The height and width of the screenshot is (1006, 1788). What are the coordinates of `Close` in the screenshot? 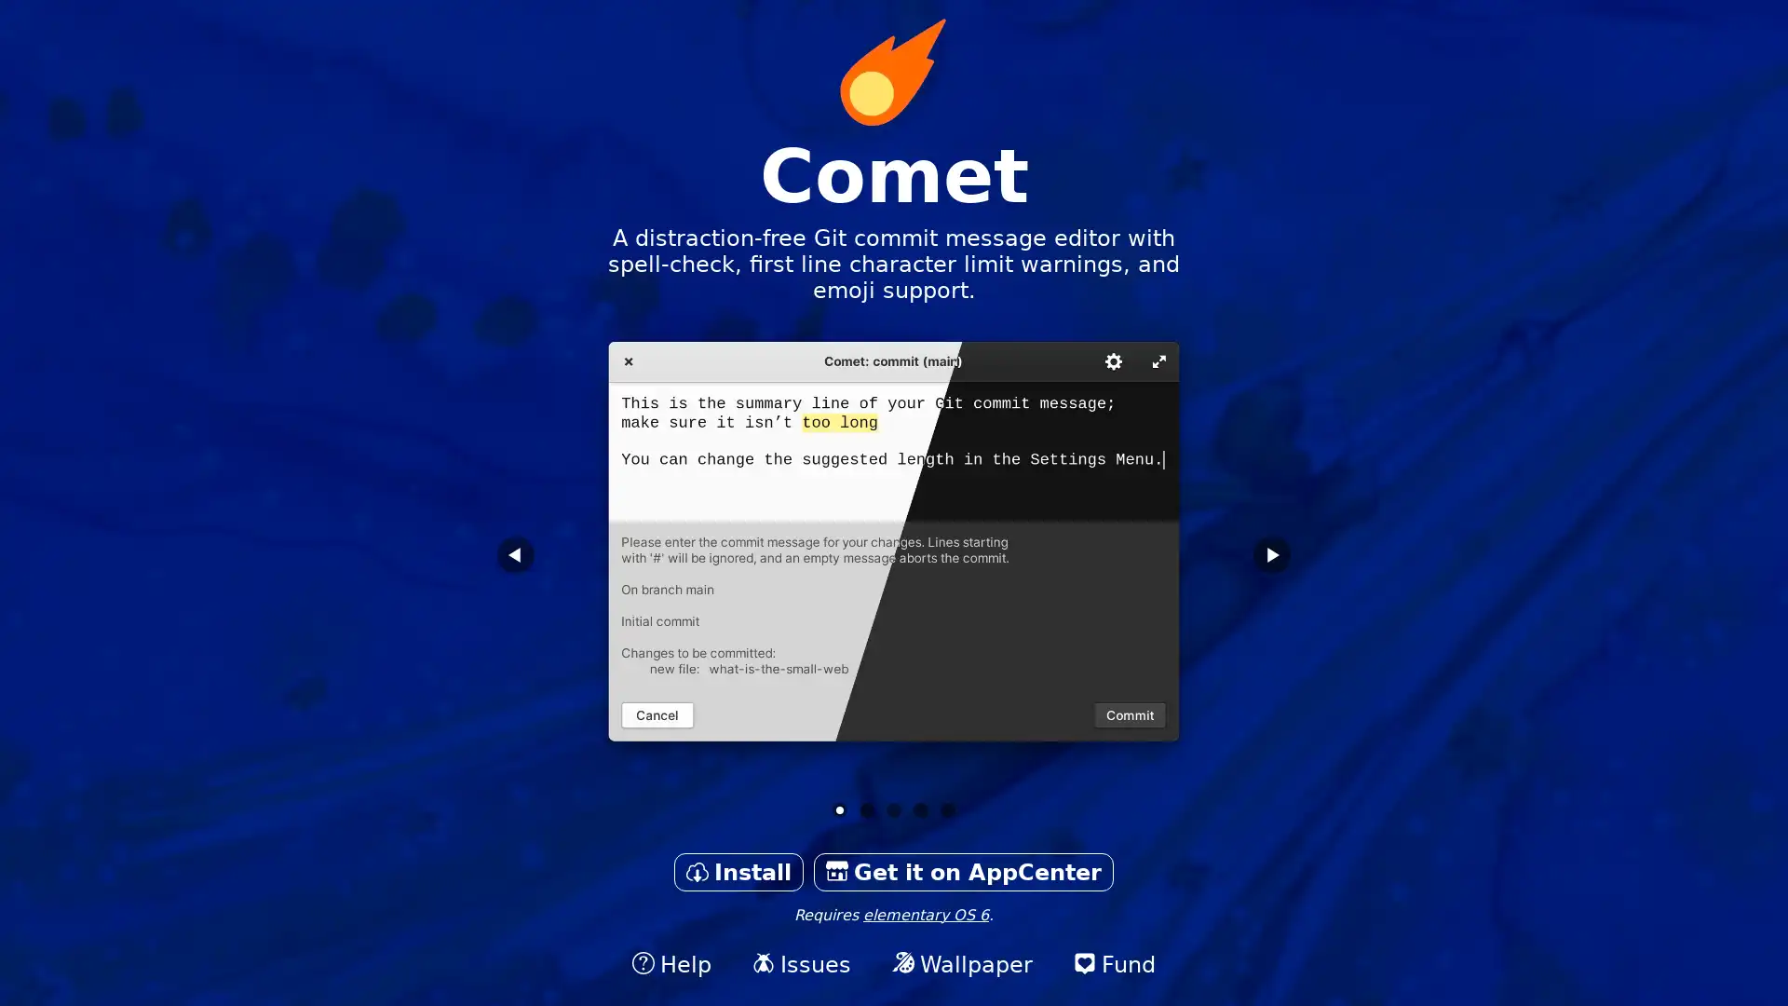 It's located at (892, 579).